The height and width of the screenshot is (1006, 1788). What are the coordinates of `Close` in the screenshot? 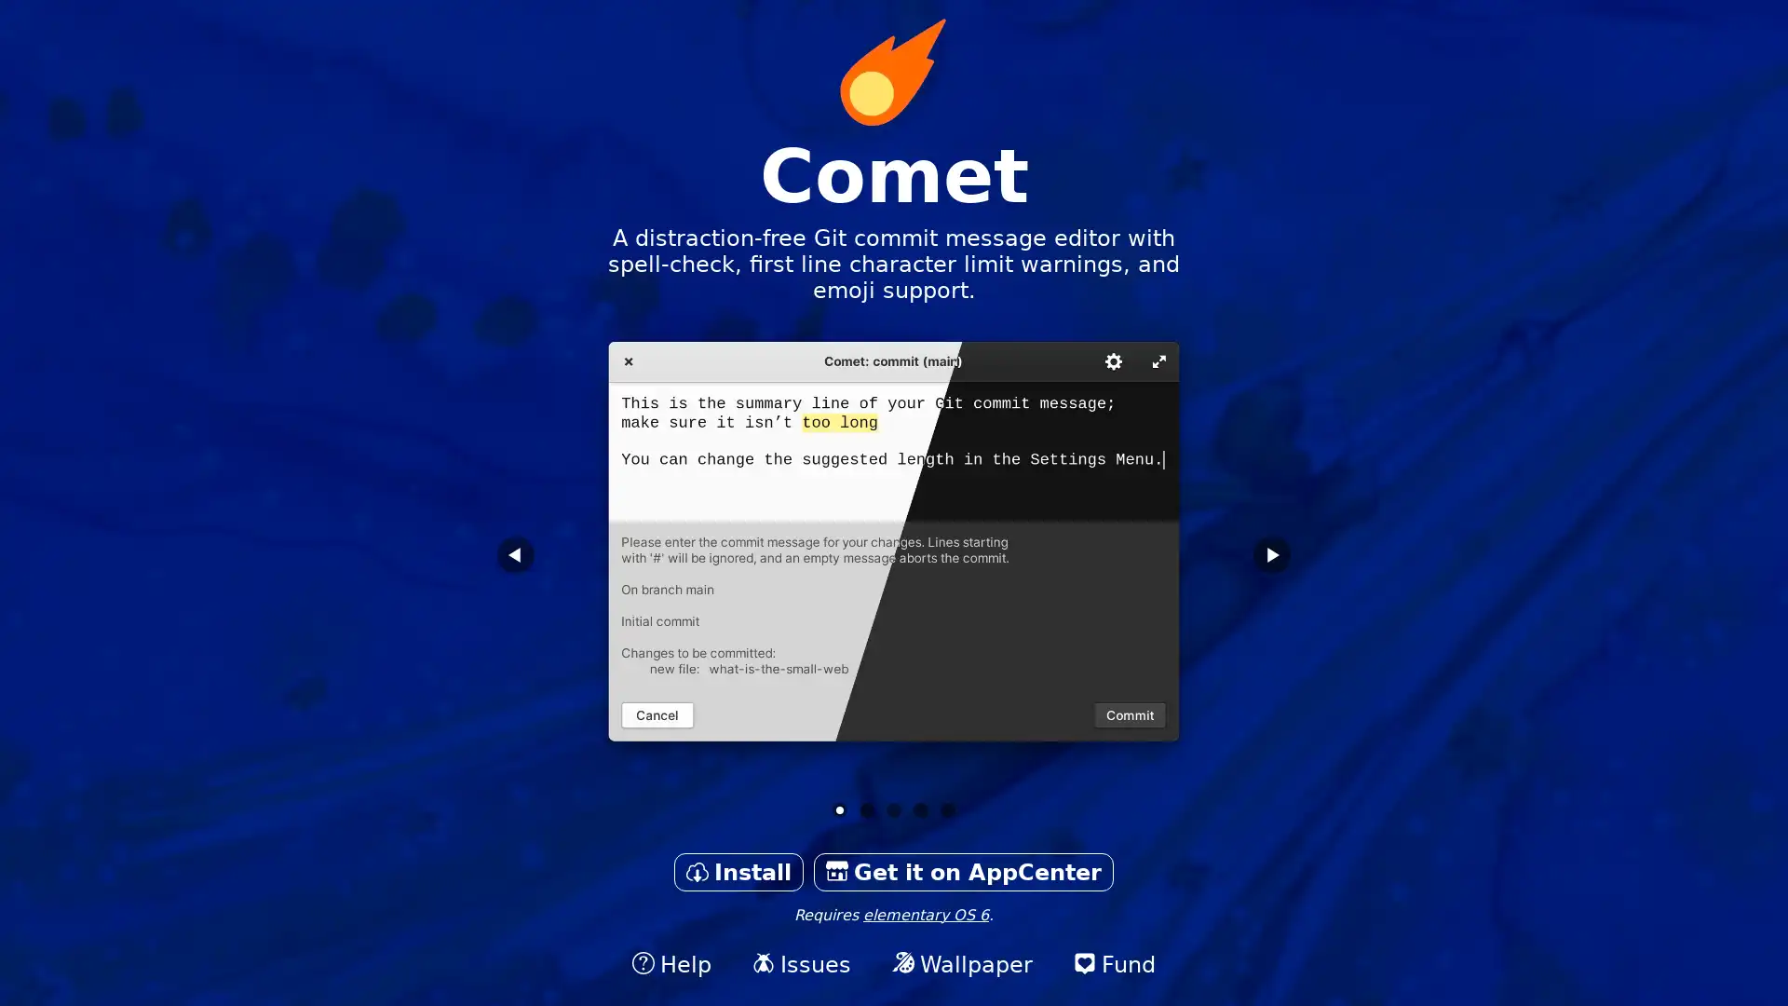 It's located at (892, 579).